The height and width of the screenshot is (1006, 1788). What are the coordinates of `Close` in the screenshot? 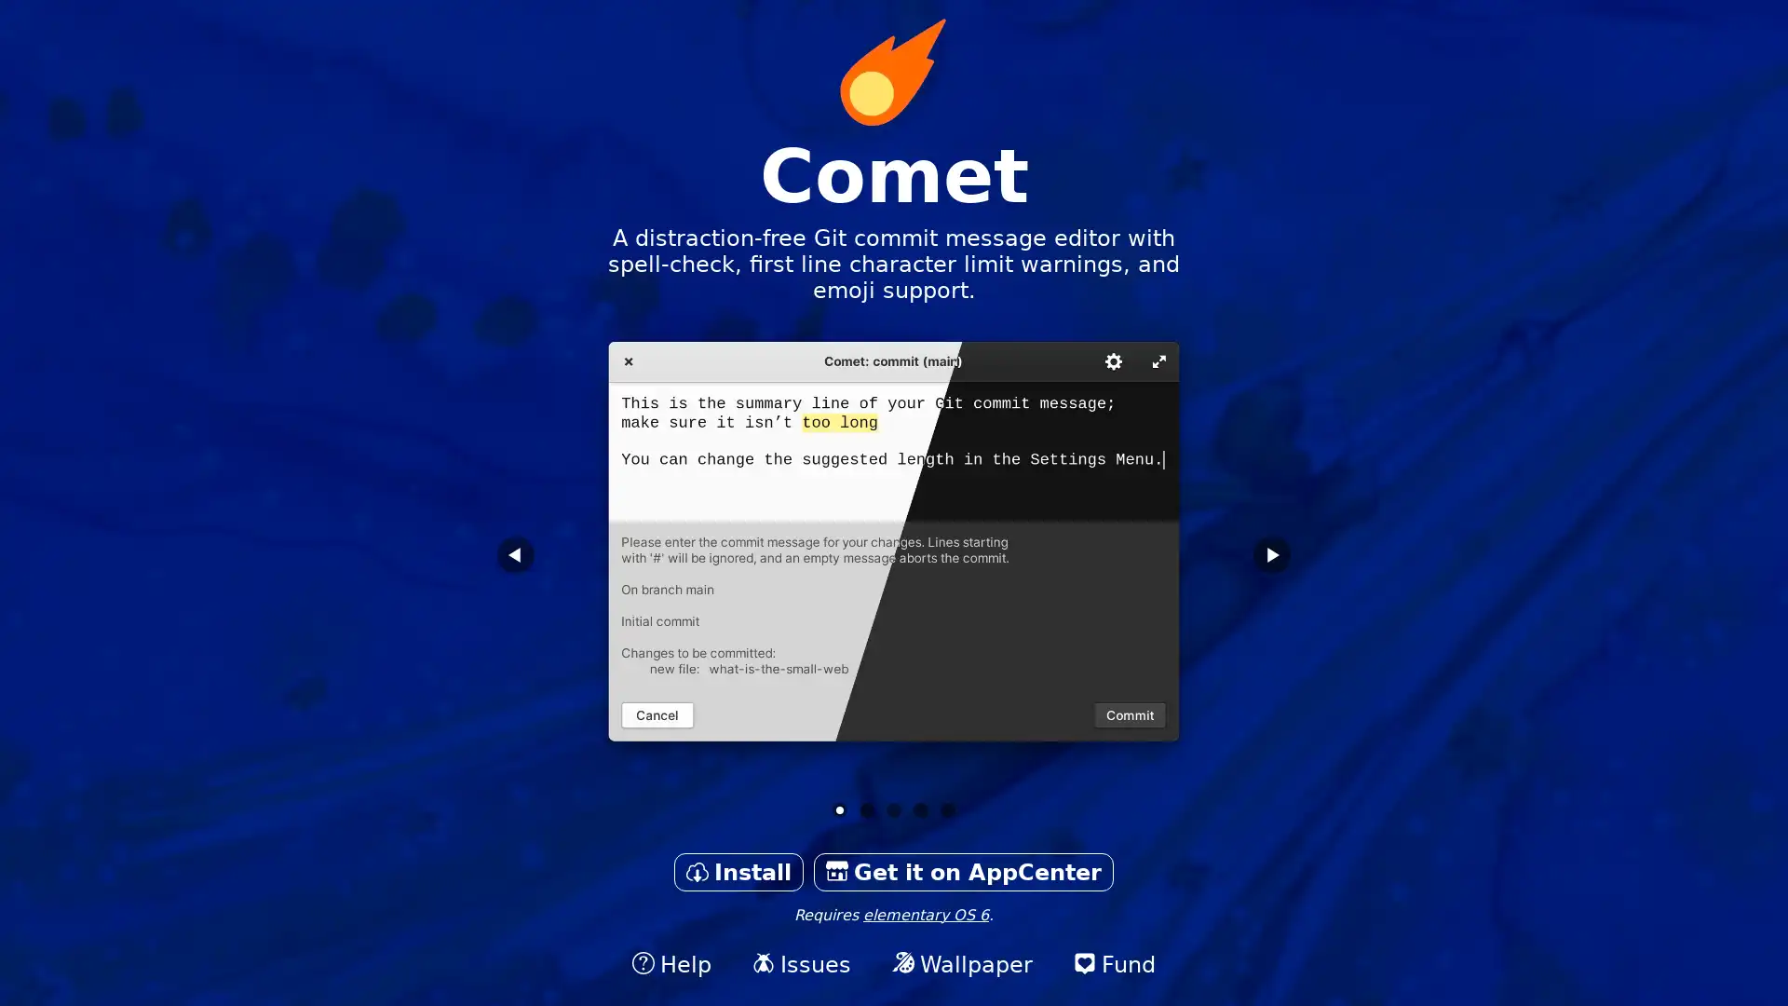 It's located at (892, 579).